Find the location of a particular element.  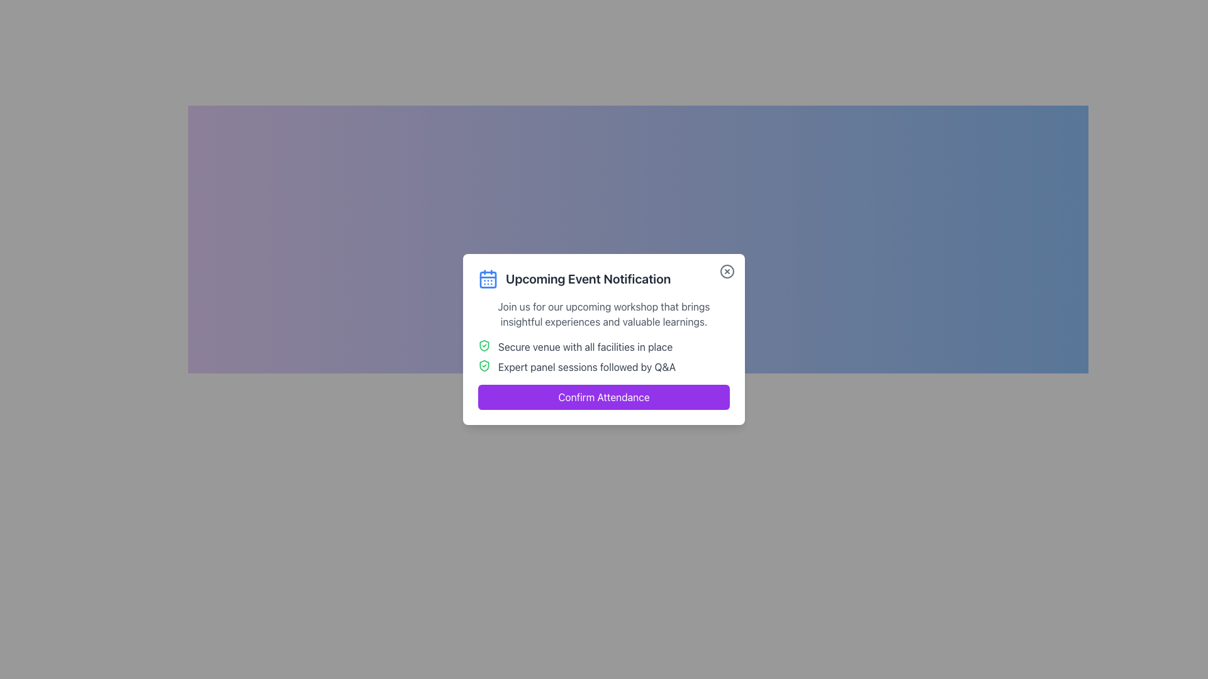

the shield icon with a checkmark, which symbolizes security and is located to the left of the text 'Expert panel sessions followed by Q&A' is located at coordinates (483, 346).